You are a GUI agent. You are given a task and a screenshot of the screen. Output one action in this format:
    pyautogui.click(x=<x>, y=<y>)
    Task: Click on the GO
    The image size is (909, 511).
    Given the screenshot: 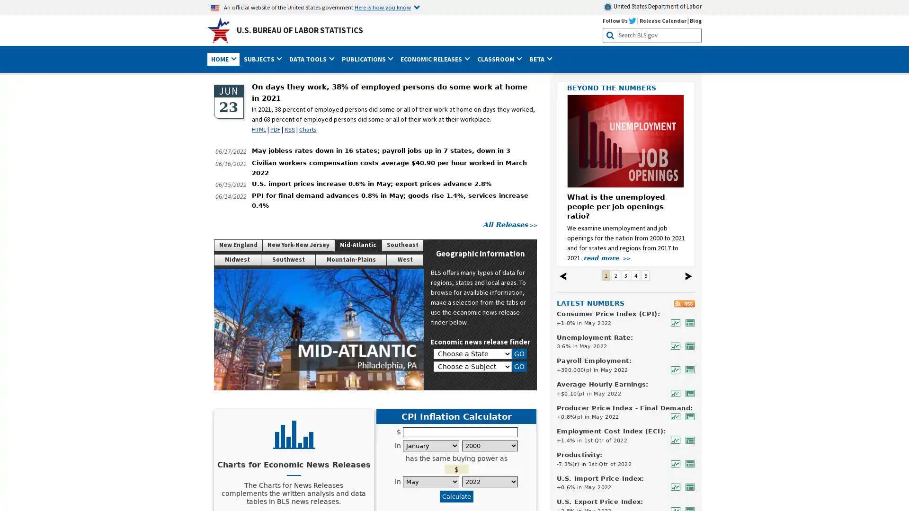 What is the action you would take?
    pyautogui.click(x=519, y=366)
    